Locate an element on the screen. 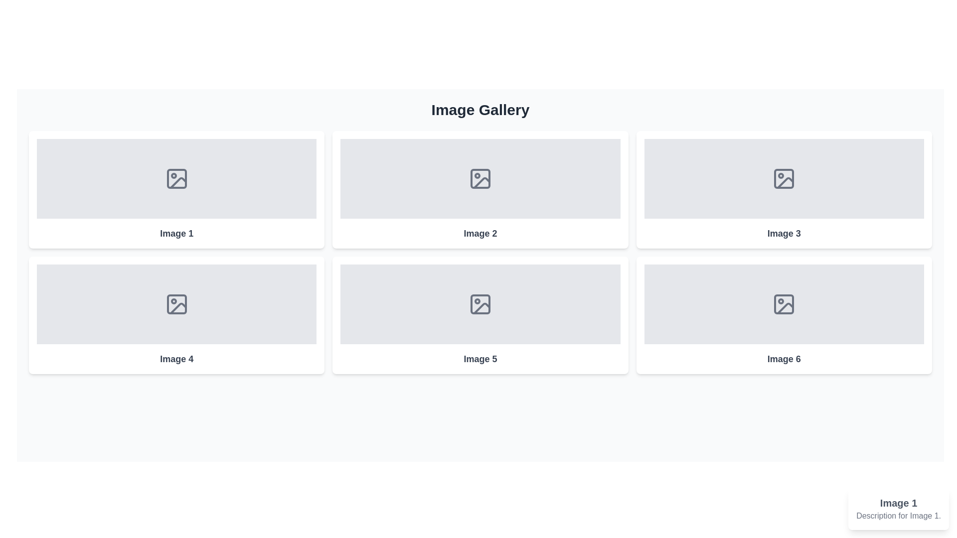 The height and width of the screenshot is (538, 957). the image frame icon with a circular dot inside, representing the placeholder for 'Image 1' in the top-left corner of the grid is located at coordinates (176, 178).